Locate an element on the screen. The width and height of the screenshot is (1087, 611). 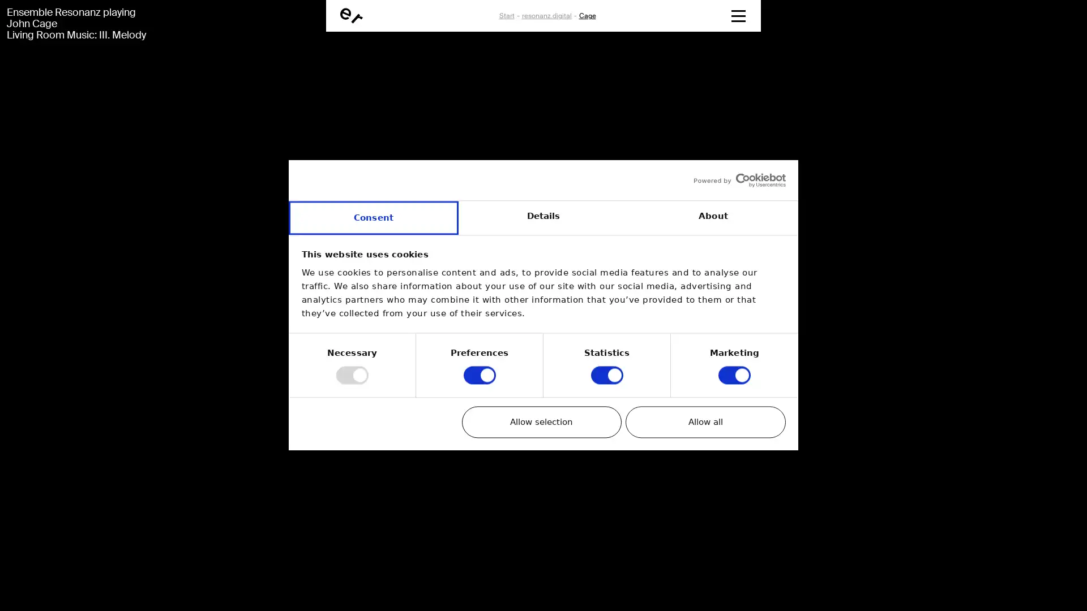
07 is located at coordinates (656, 597).